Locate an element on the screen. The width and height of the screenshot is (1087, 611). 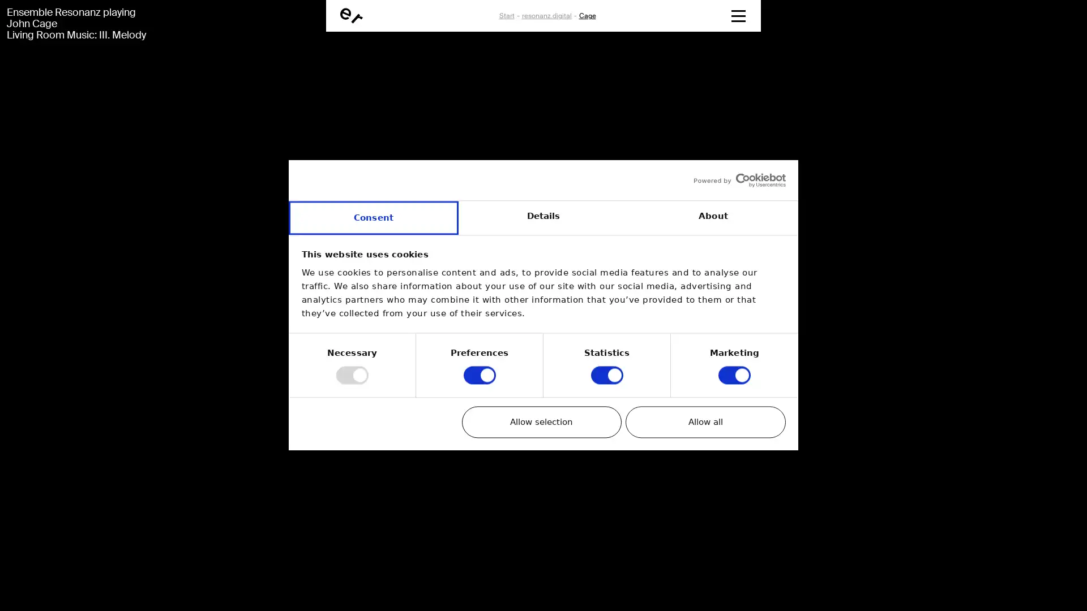
07 is located at coordinates (656, 597).